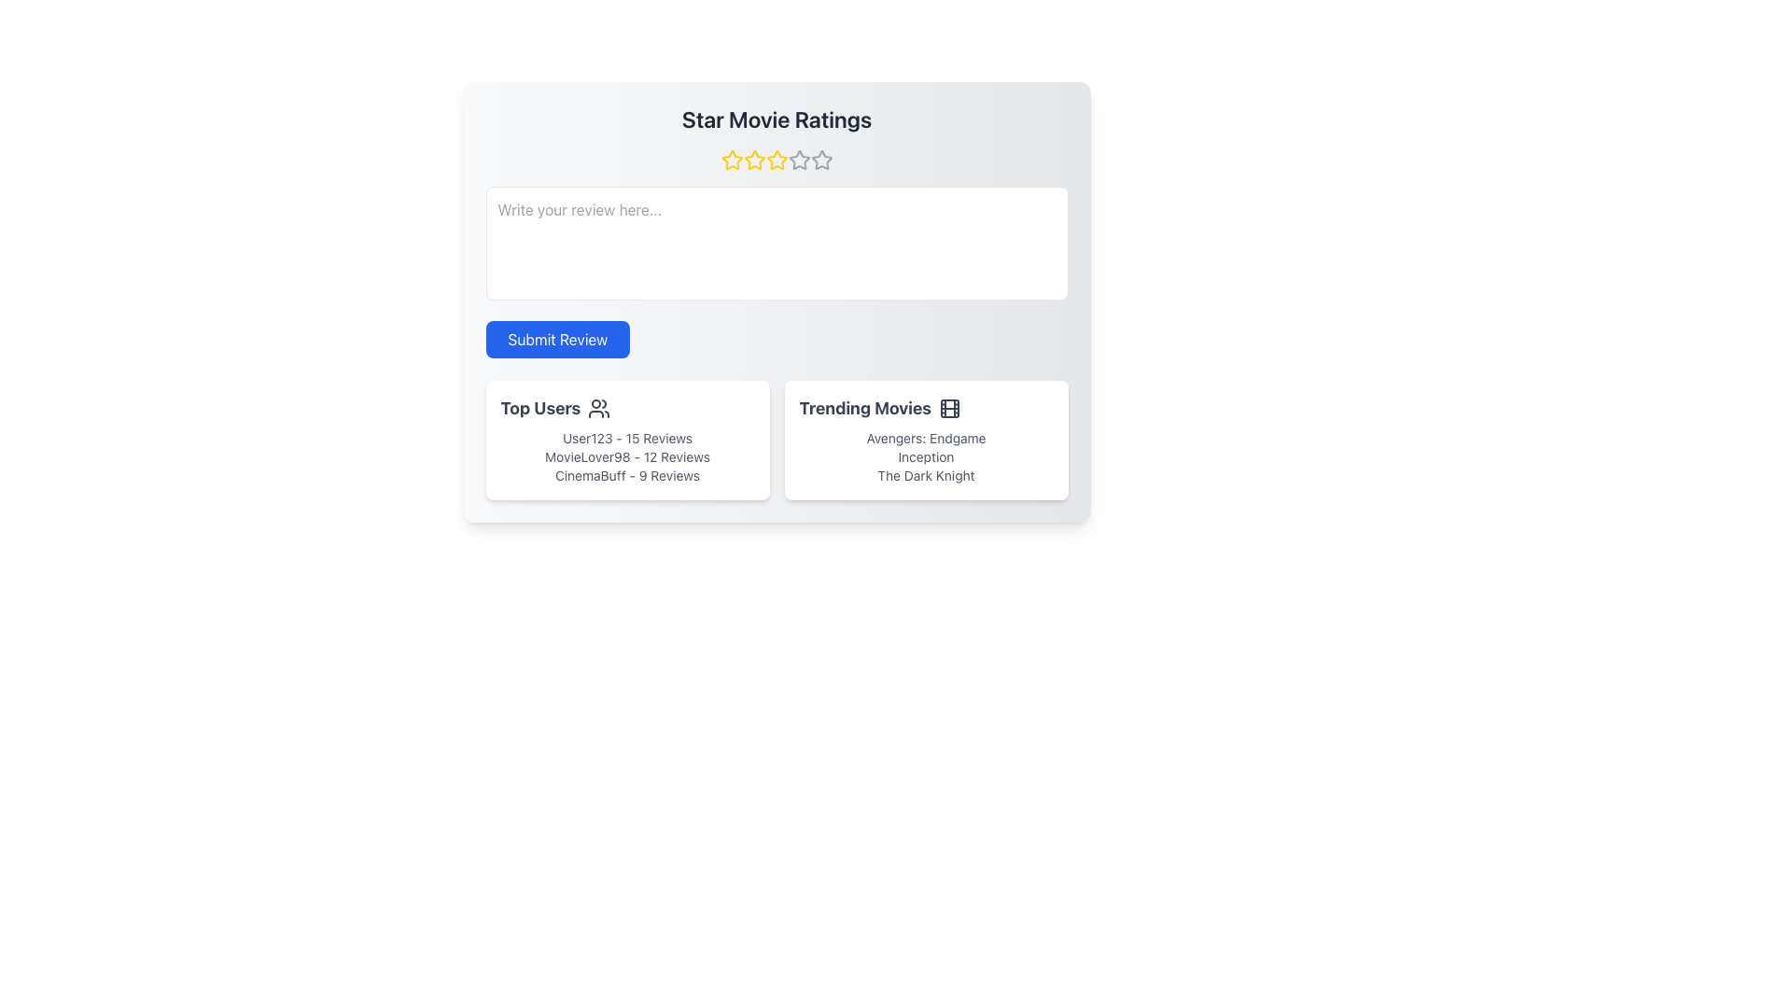 Image resolution: width=1792 pixels, height=1008 pixels. What do you see at coordinates (926, 440) in the screenshot?
I see `Card component located in the bottom right corner of the grid layout to view the list of currently trending movies` at bounding box center [926, 440].